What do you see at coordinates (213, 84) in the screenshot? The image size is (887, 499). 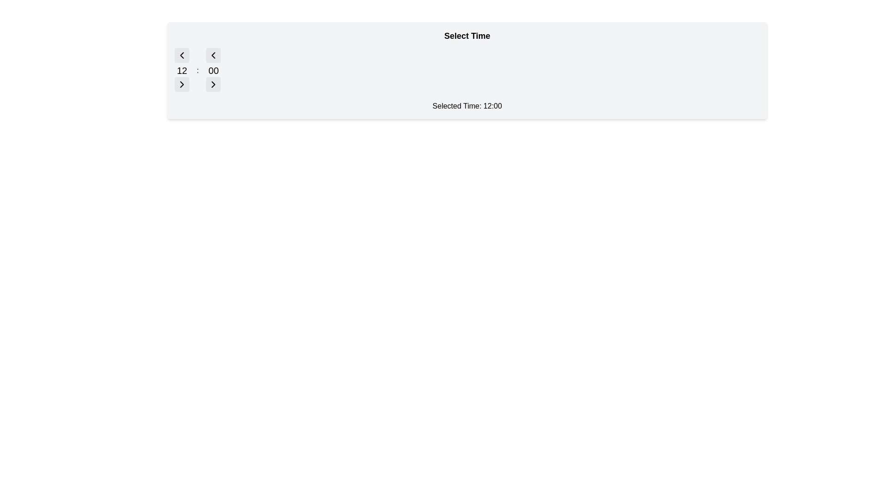 I see `the right-pointing chevron-like arrow icon within the square button at the bottom of the control panel` at bounding box center [213, 84].